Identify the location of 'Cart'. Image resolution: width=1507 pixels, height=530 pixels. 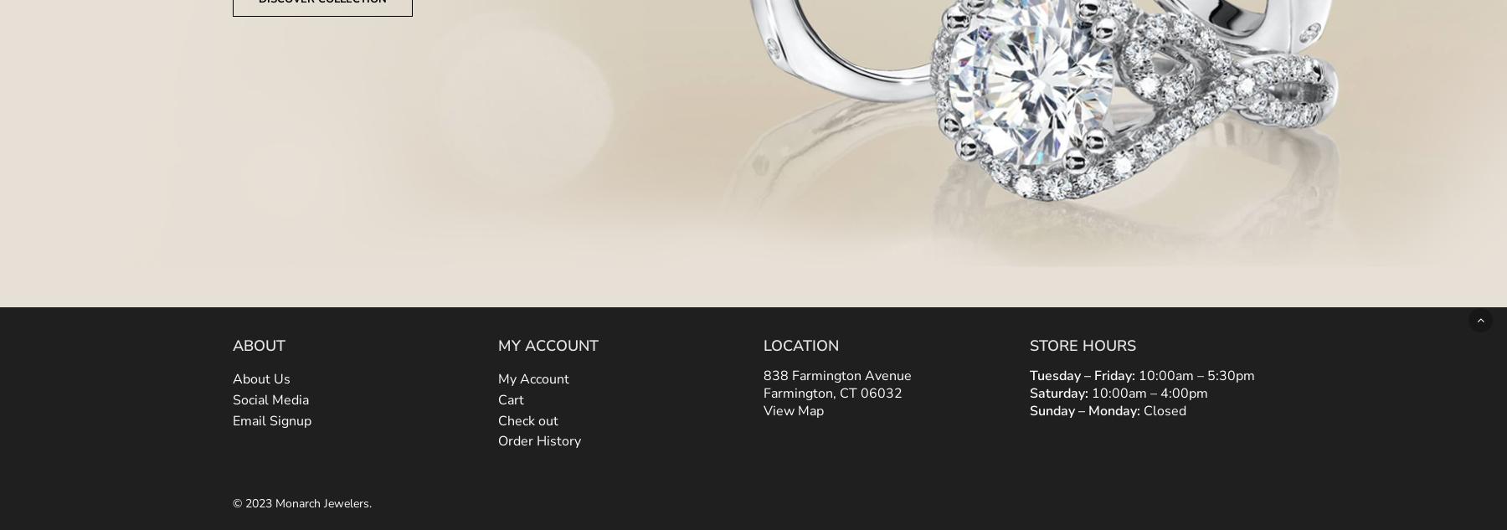
(510, 399).